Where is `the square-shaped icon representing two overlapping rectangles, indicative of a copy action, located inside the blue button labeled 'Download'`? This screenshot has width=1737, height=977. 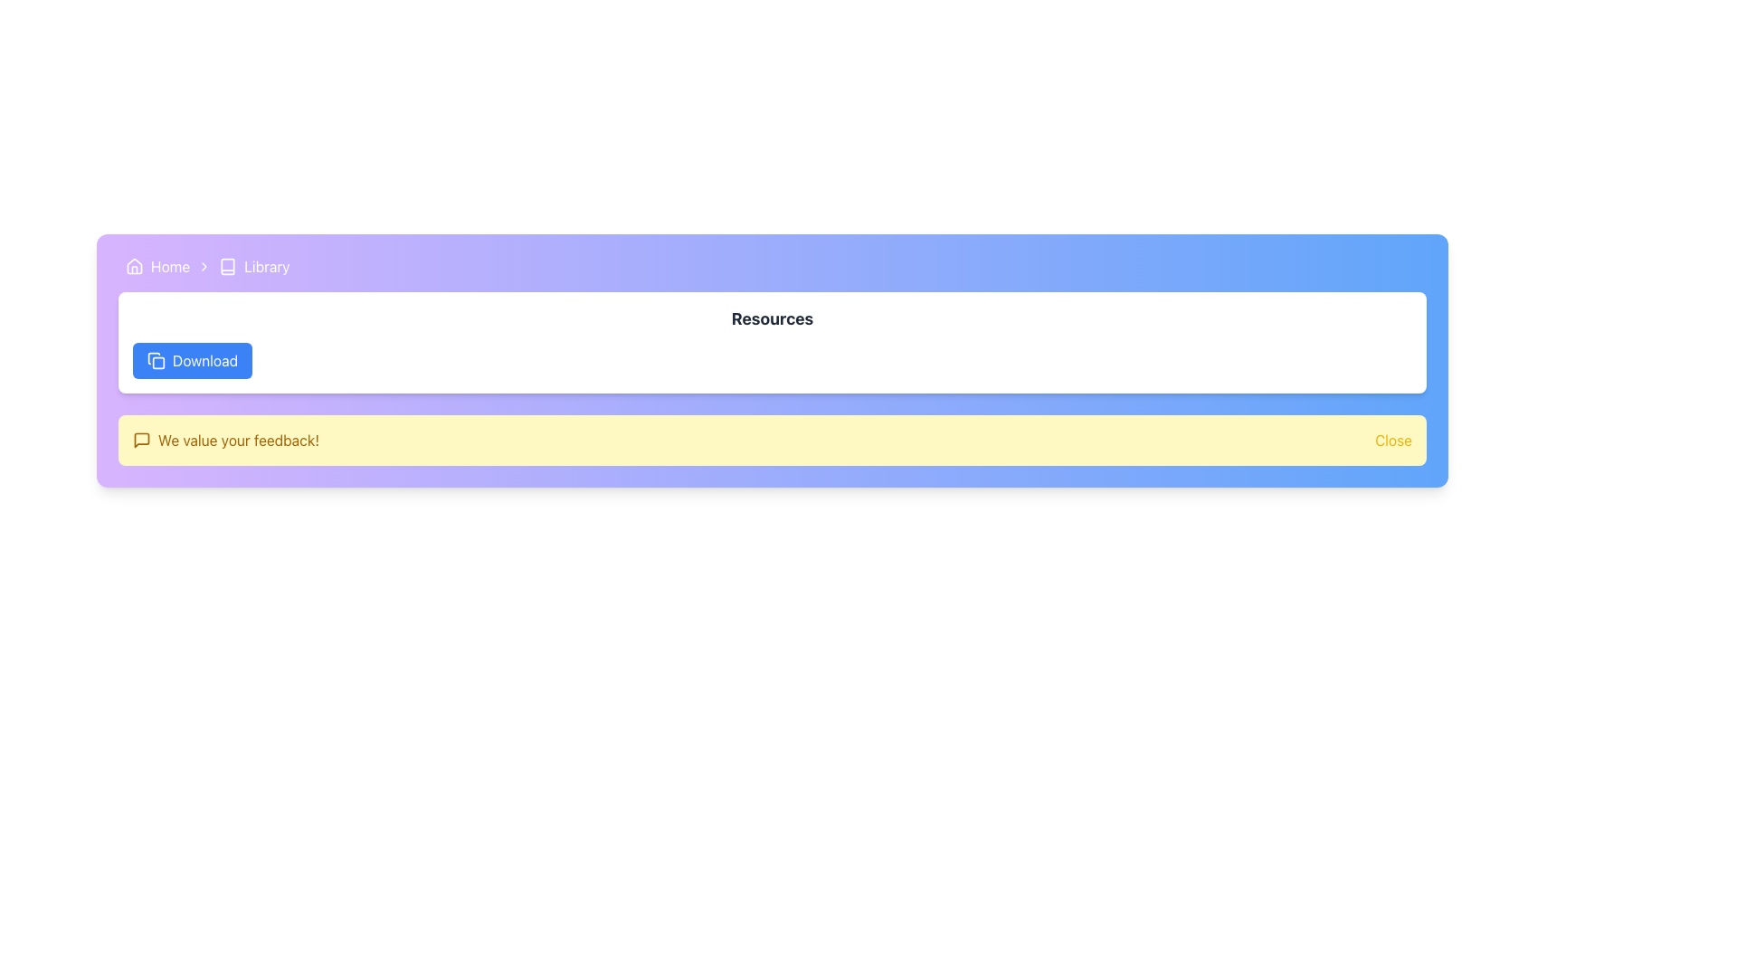 the square-shaped icon representing two overlapping rectangles, indicative of a copy action, located inside the blue button labeled 'Download' is located at coordinates (156, 360).